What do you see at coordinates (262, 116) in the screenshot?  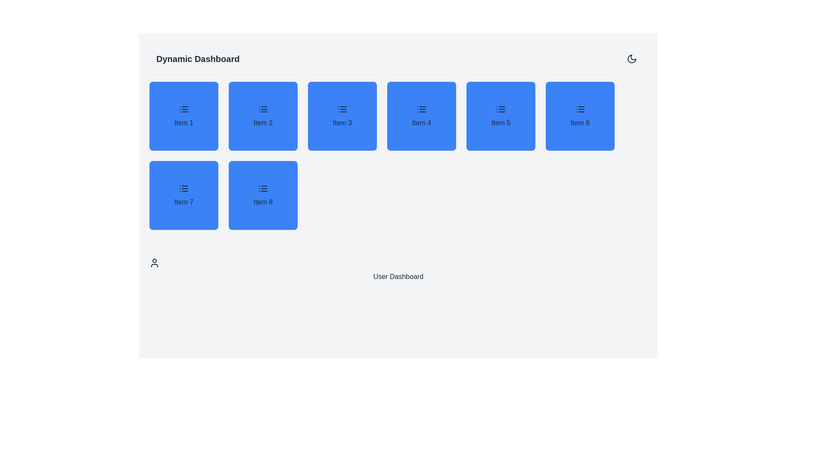 I see `the square clickable block representing 'Item 2', which is located in the grid layout as the second item in the first row, between 'Item 1' and 'Item 3'` at bounding box center [262, 116].